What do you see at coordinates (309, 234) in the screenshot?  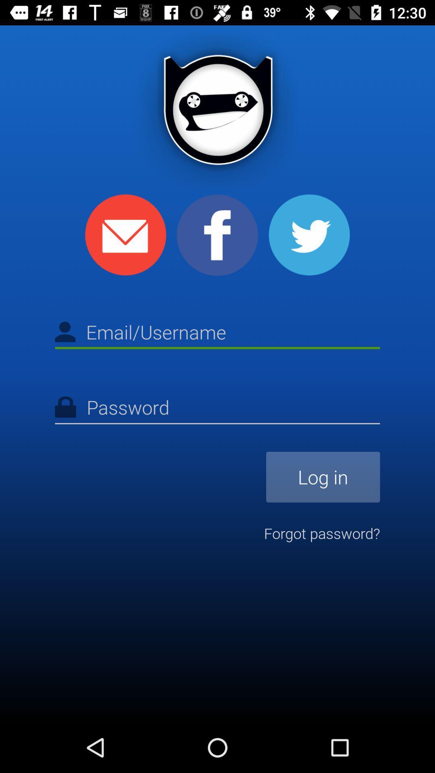 I see `share with twitter` at bounding box center [309, 234].